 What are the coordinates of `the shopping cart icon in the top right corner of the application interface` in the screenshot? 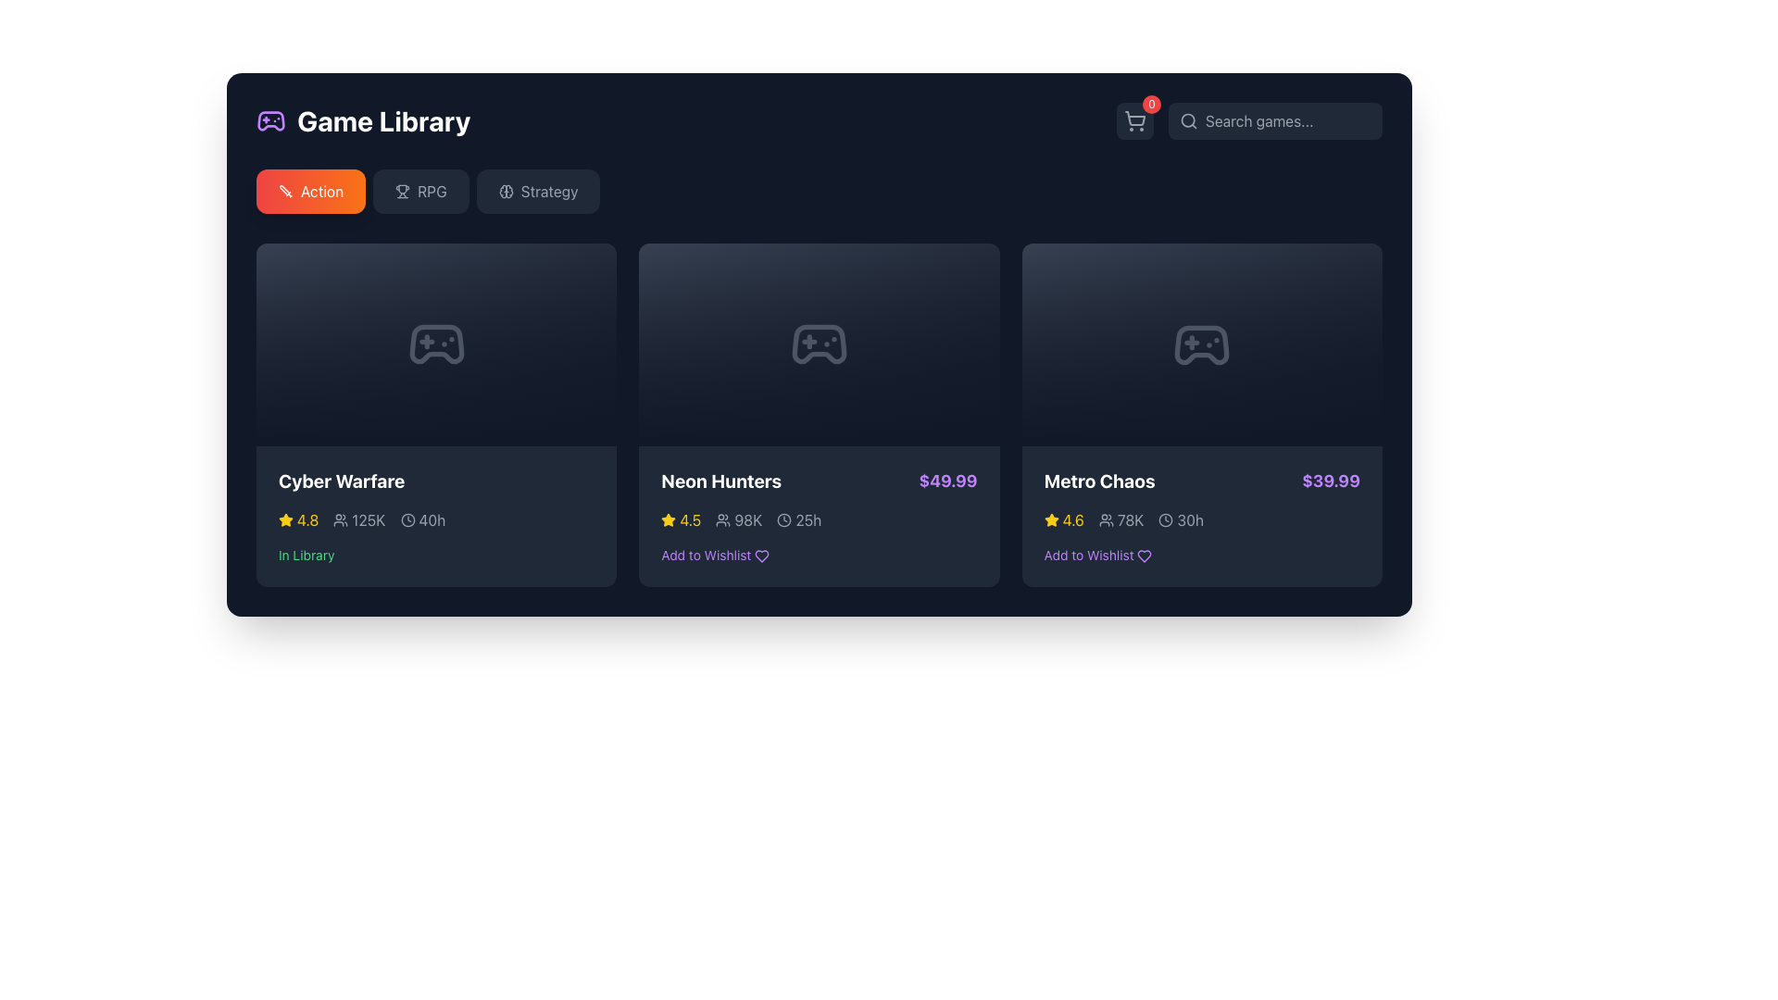 It's located at (1133, 121).